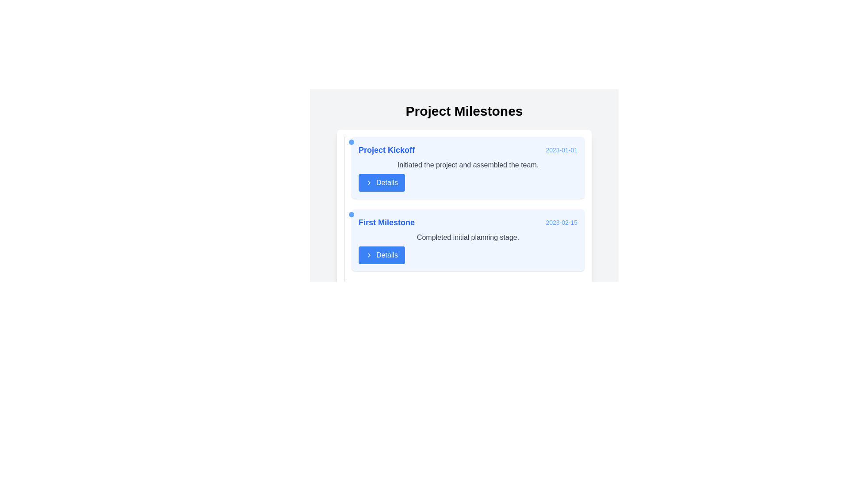 This screenshot has height=477, width=849. What do you see at coordinates (351, 141) in the screenshot?
I see `the visual marker (dot) indicating the milestone in the 'Project Kickoff' card, positioned near the top-left corner, slightly left of the text content` at bounding box center [351, 141].